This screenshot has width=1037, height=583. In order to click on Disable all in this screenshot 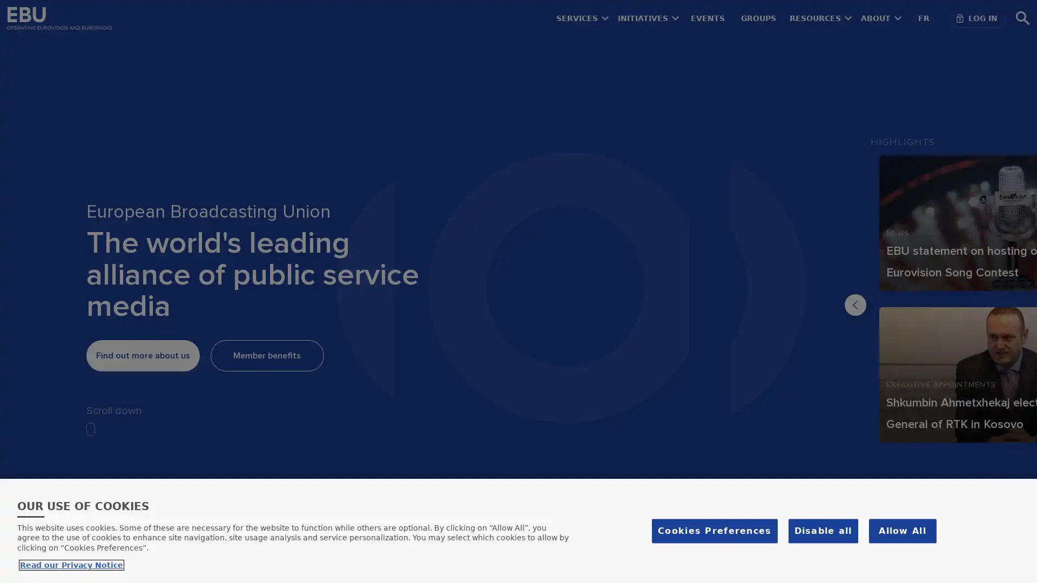, I will do `click(822, 530)`.